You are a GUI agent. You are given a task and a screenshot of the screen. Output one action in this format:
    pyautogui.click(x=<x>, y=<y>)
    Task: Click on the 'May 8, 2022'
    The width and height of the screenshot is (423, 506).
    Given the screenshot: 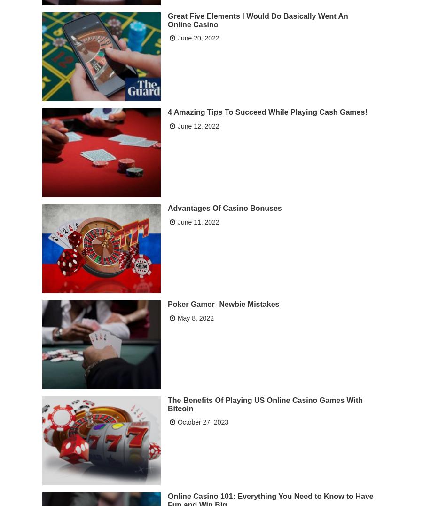 What is the action you would take?
    pyautogui.click(x=195, y=317)
    